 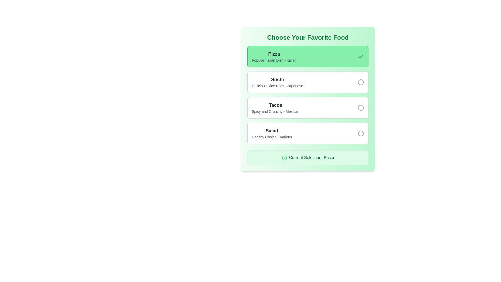 What do you see at coordinates (284, 157) in the screenshot?
I see `the circular SVG element with a green stroke located in the informational banner that displays 'Current Selection: Pizza.'` at bounding box center [284, 157].